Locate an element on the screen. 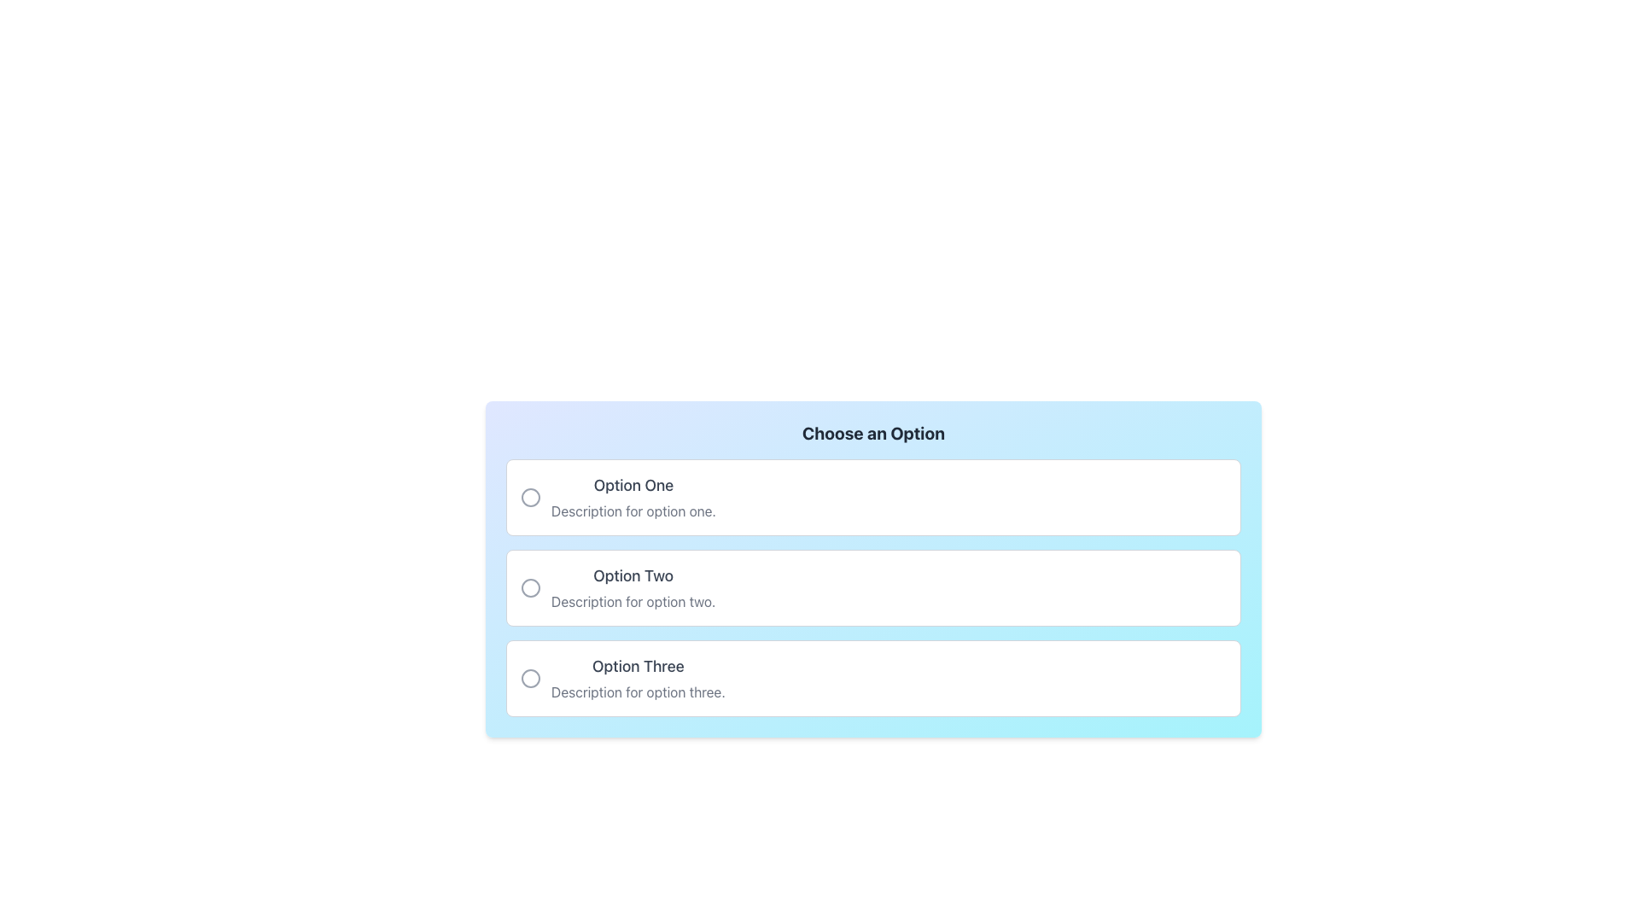 The width and height of the screenshot is (1639, 922). the central selection interface containing radio buttons for user options is located at coordinates (873, 569).